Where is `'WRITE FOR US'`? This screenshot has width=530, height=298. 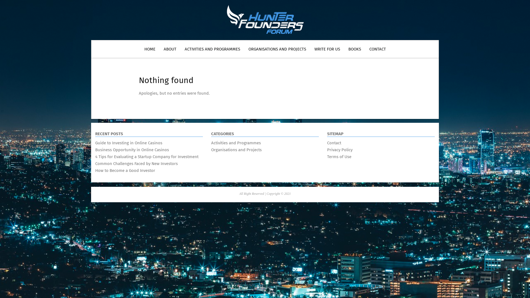 'WRITE FOR US' is located at coordinates (310, 49).